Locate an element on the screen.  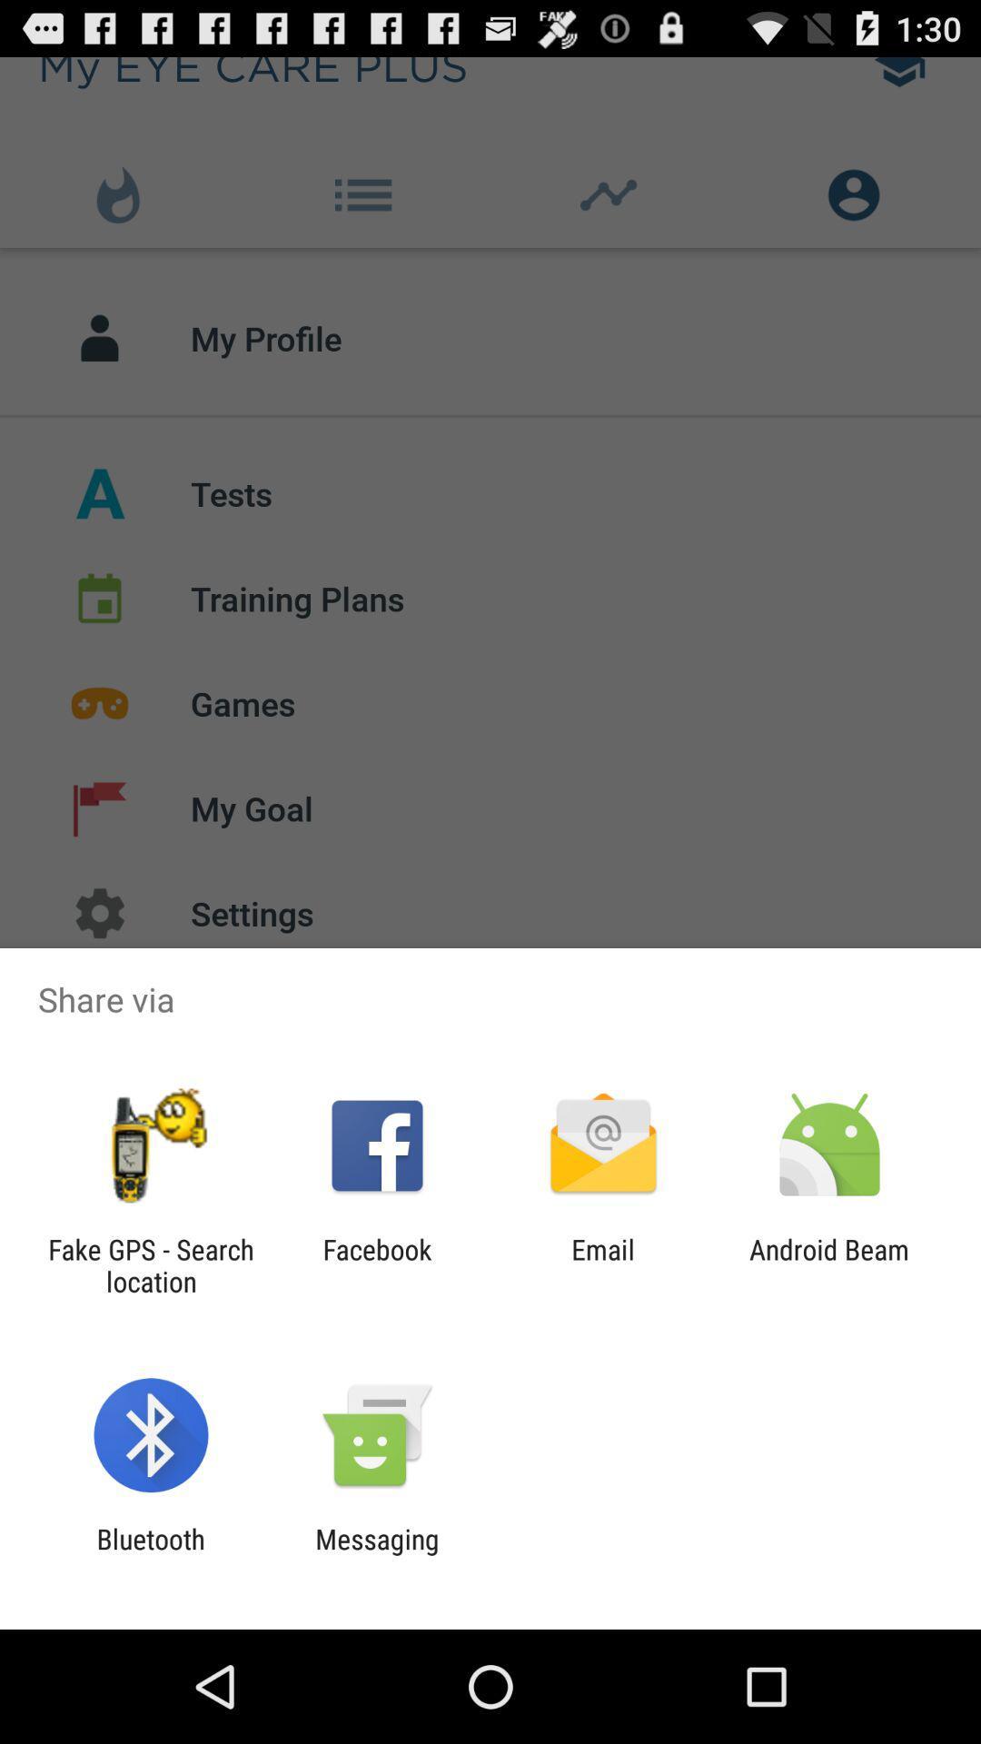
the app next to email is located at coordinates (829, 1264).